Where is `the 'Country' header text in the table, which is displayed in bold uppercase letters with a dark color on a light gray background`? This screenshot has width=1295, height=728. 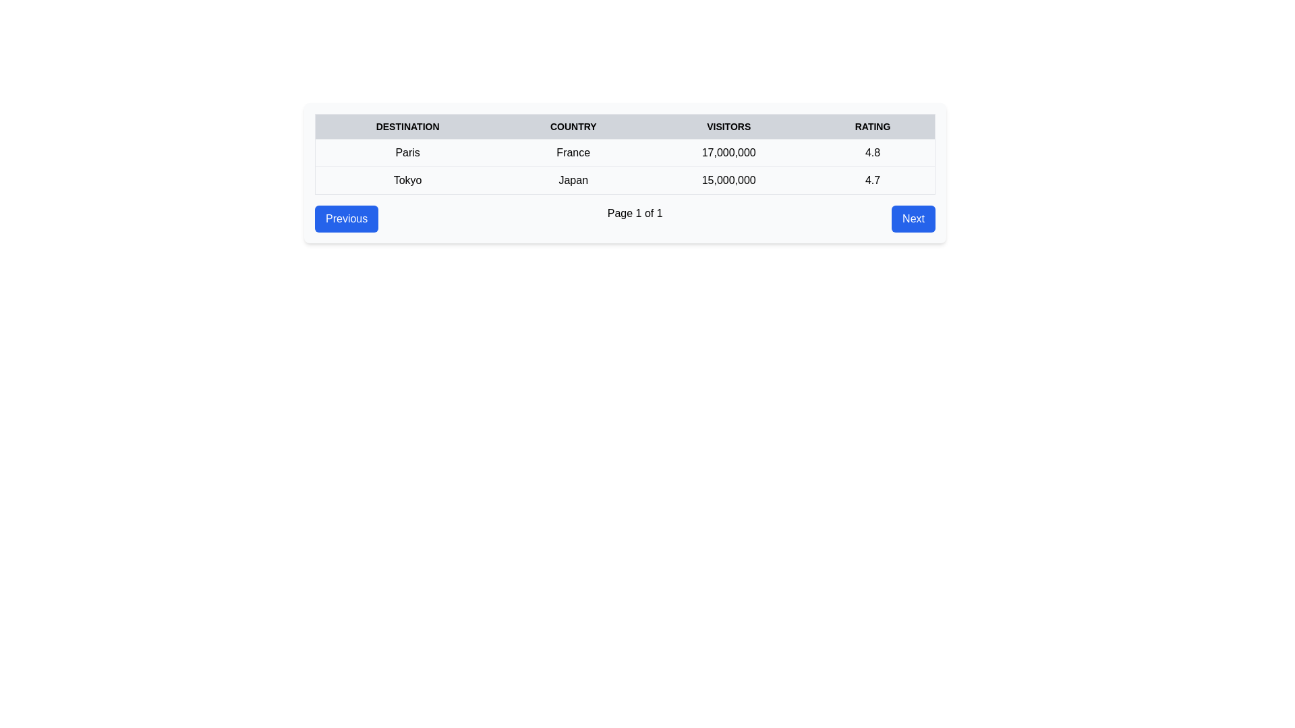 the 'Country' header text in the table, which is displayed in bold uppercase letters with a dark color on a light gray background is located at coordinates (573, 127).